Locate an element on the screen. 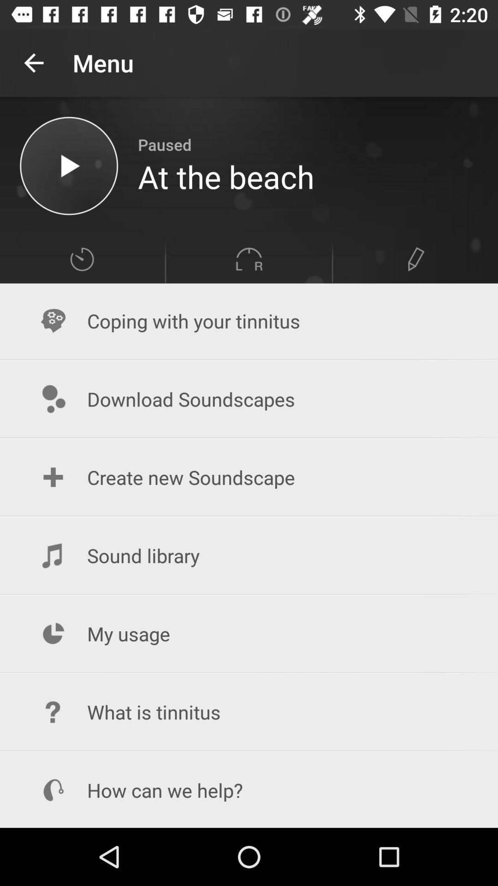  the icon below the at the beach is located at coordinates (416, 258).